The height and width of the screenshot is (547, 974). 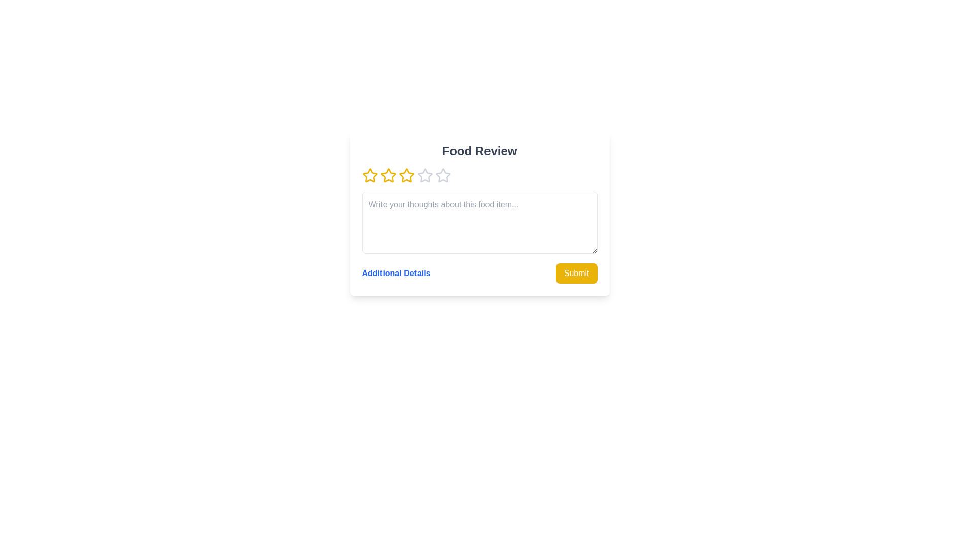 I want to click on the rating to 2 stars by clicking on the corresponding star button, so click(x=388, y=175).